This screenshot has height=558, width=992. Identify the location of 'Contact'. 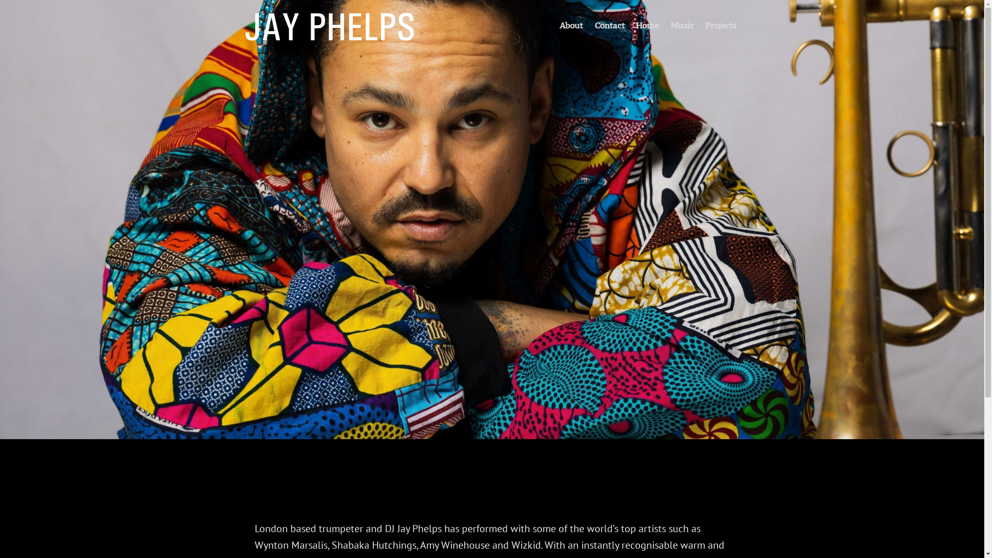
(609, 24).